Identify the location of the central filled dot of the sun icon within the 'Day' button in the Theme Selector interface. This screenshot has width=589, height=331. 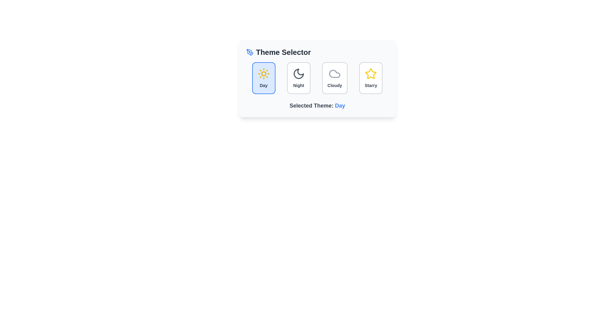
(264, 73).